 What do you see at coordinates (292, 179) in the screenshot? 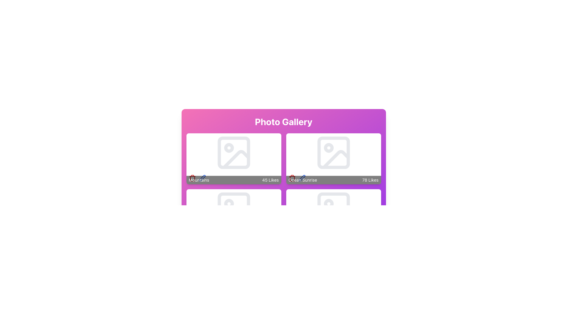
I see `the delete icon button, which is represented by a trash bin icon located` at bounding box center [292, 179].